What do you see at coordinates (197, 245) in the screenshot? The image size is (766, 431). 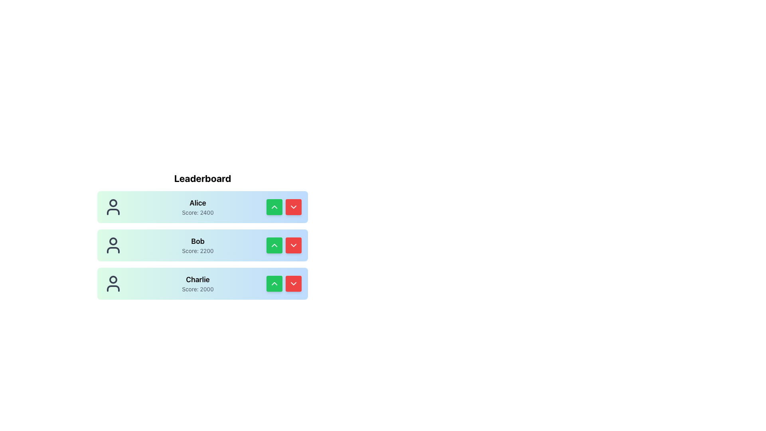 I see `the text display component that shows the user's name 'Bob' and score '2200', located centrally in the second row of the leaderboard layout` at bounding box center [197, 245].